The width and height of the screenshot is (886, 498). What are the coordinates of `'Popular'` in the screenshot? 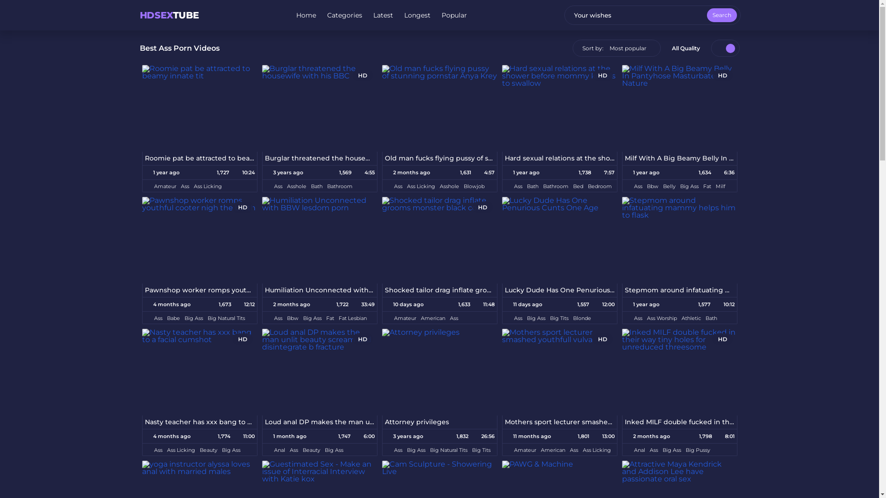 It's located at (454, 15).